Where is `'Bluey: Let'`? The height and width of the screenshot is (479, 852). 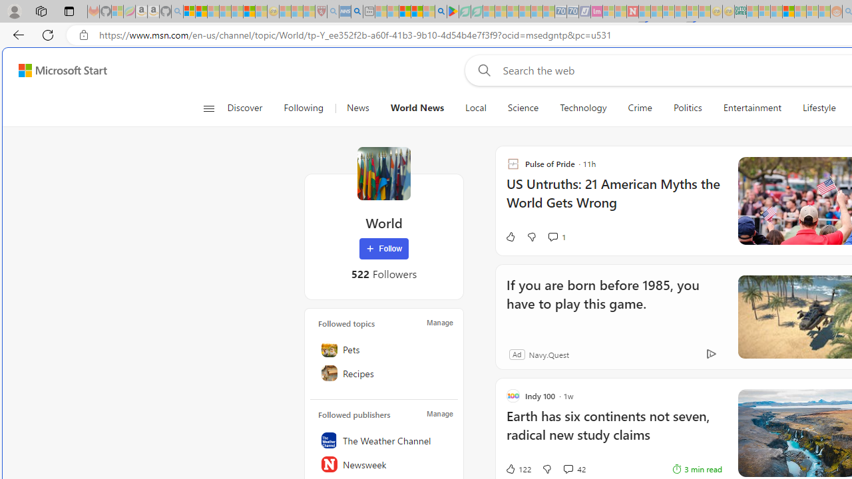 'Bluey: Let' is located at coordinates (453, 11).